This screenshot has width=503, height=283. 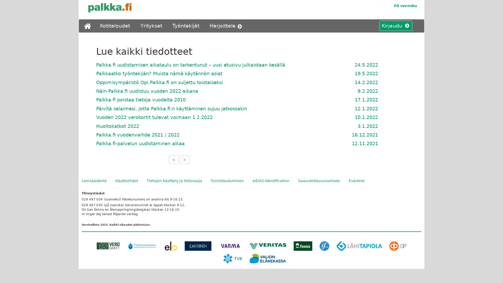 What do you see at coordinates (227, 26) in the screenshot?
I see `Harjoittele` at bounding box center [227, 26].